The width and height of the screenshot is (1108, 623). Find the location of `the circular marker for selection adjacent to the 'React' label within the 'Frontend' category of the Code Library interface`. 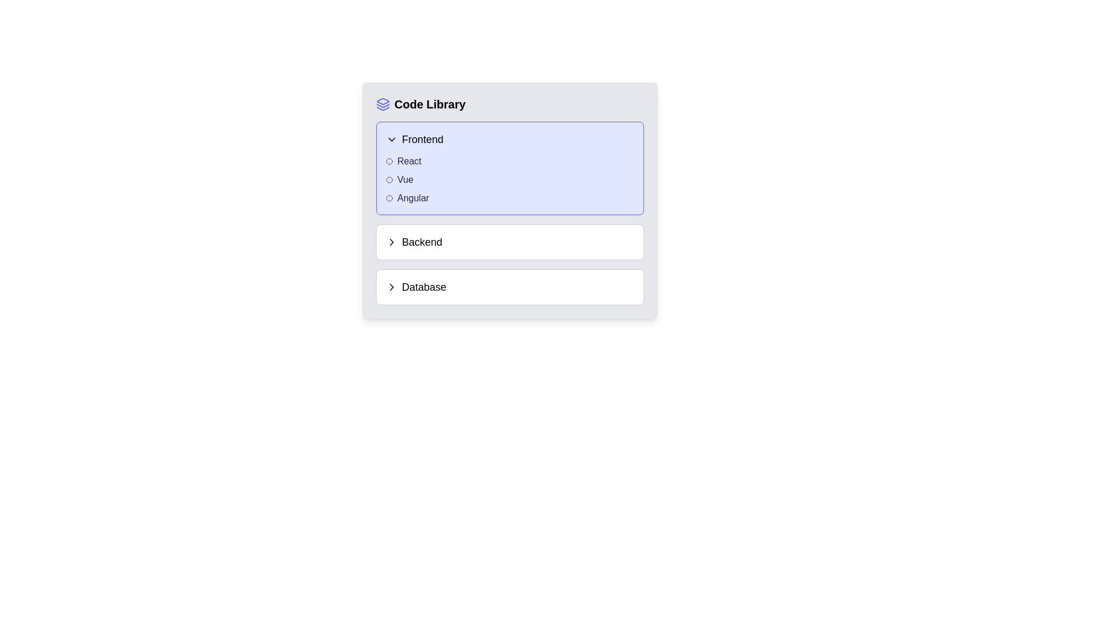

the circular marker for selection adjacent to the 'React' label within the 'Frontend' category of the Code Library interface is located at coordinates (389, 162).